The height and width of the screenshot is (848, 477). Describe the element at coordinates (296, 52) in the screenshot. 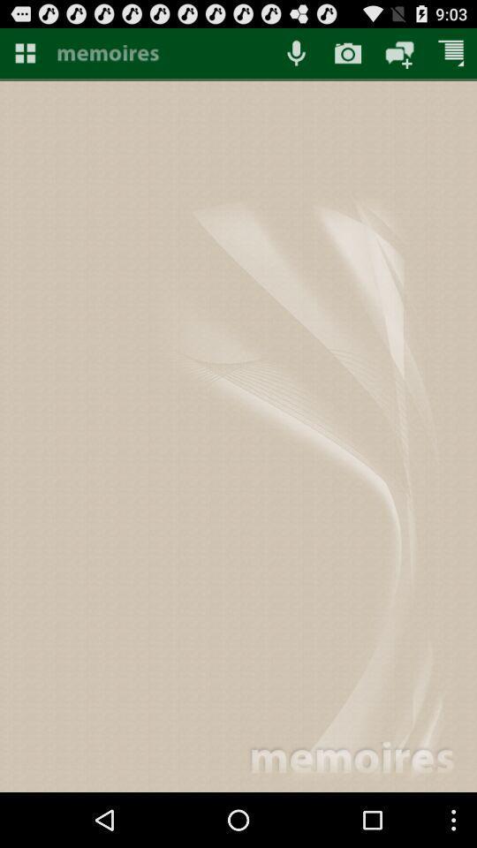

I see `turn on microphone` at that location.